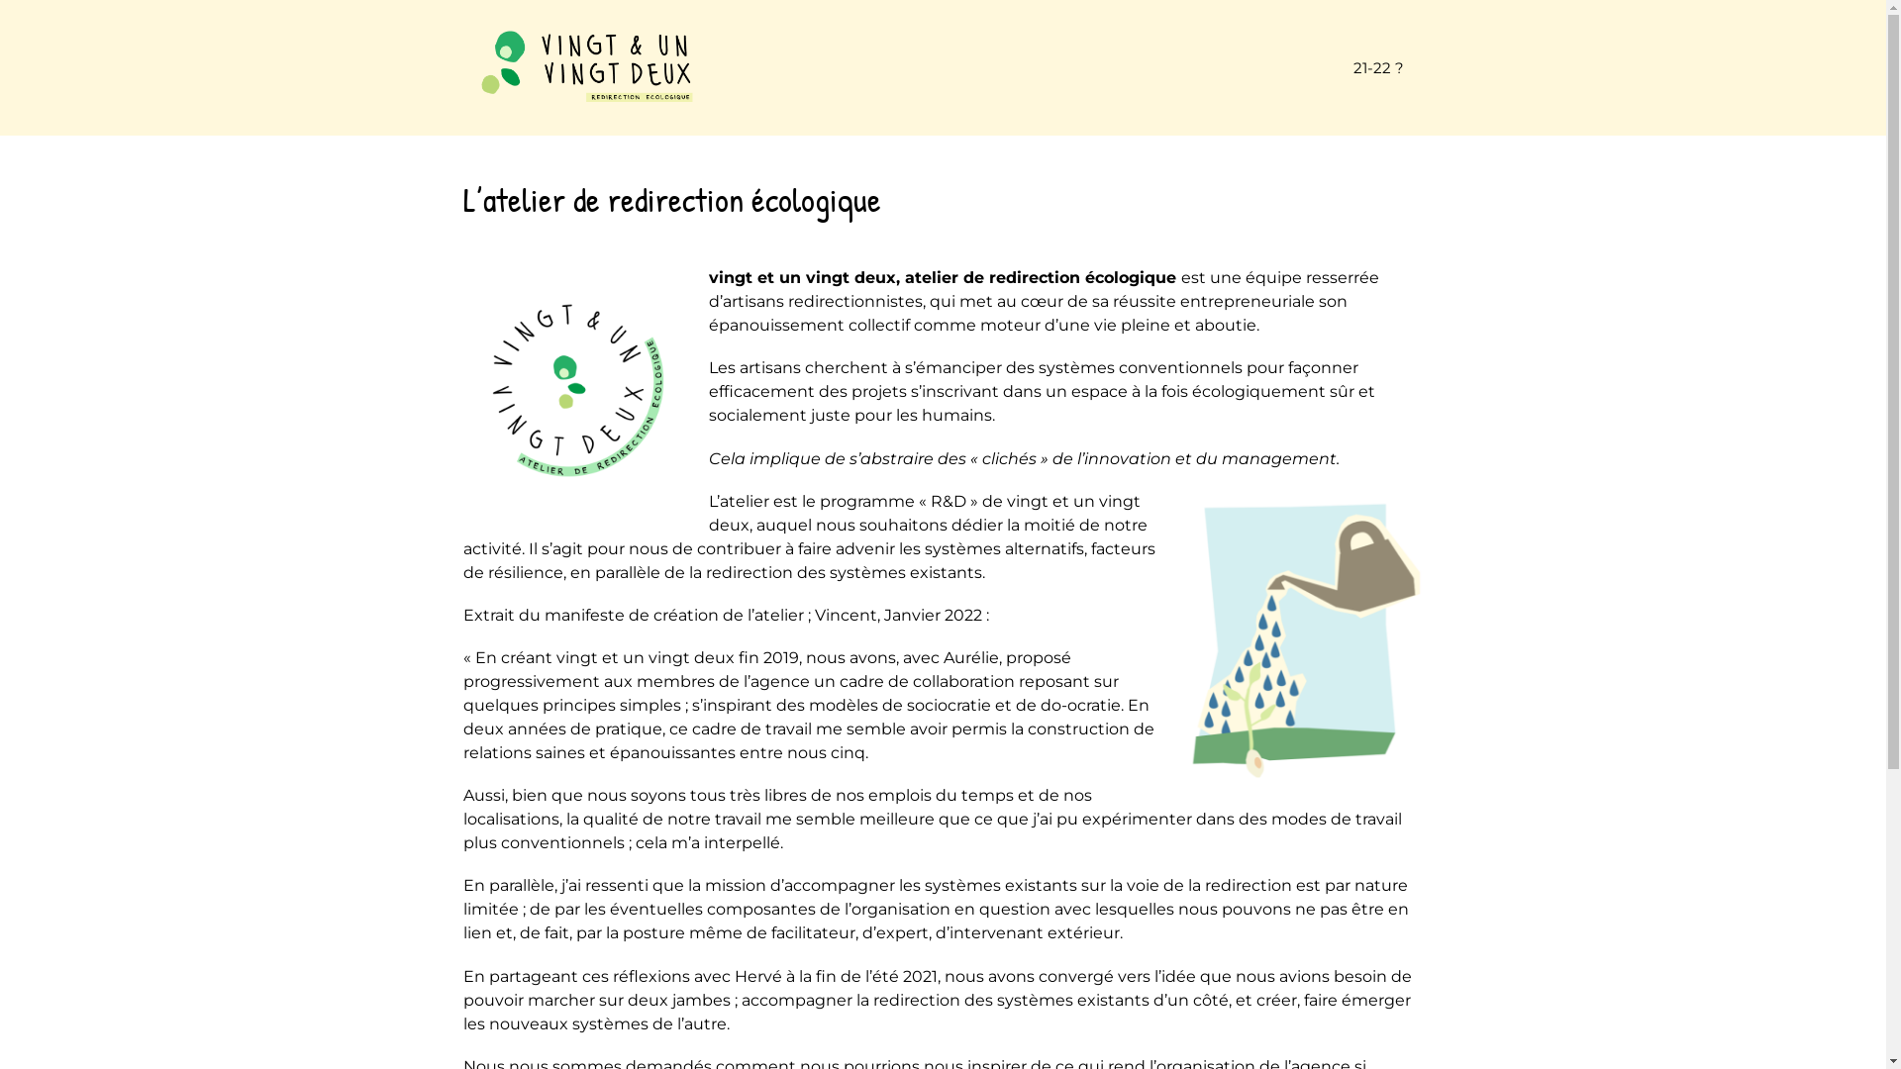 Image resolution: width=1901 pixels, height=1069 pixels. Describe the element at coordinates (1376, 67) in the screenshot. I see `'21-22 ?'` at that location.